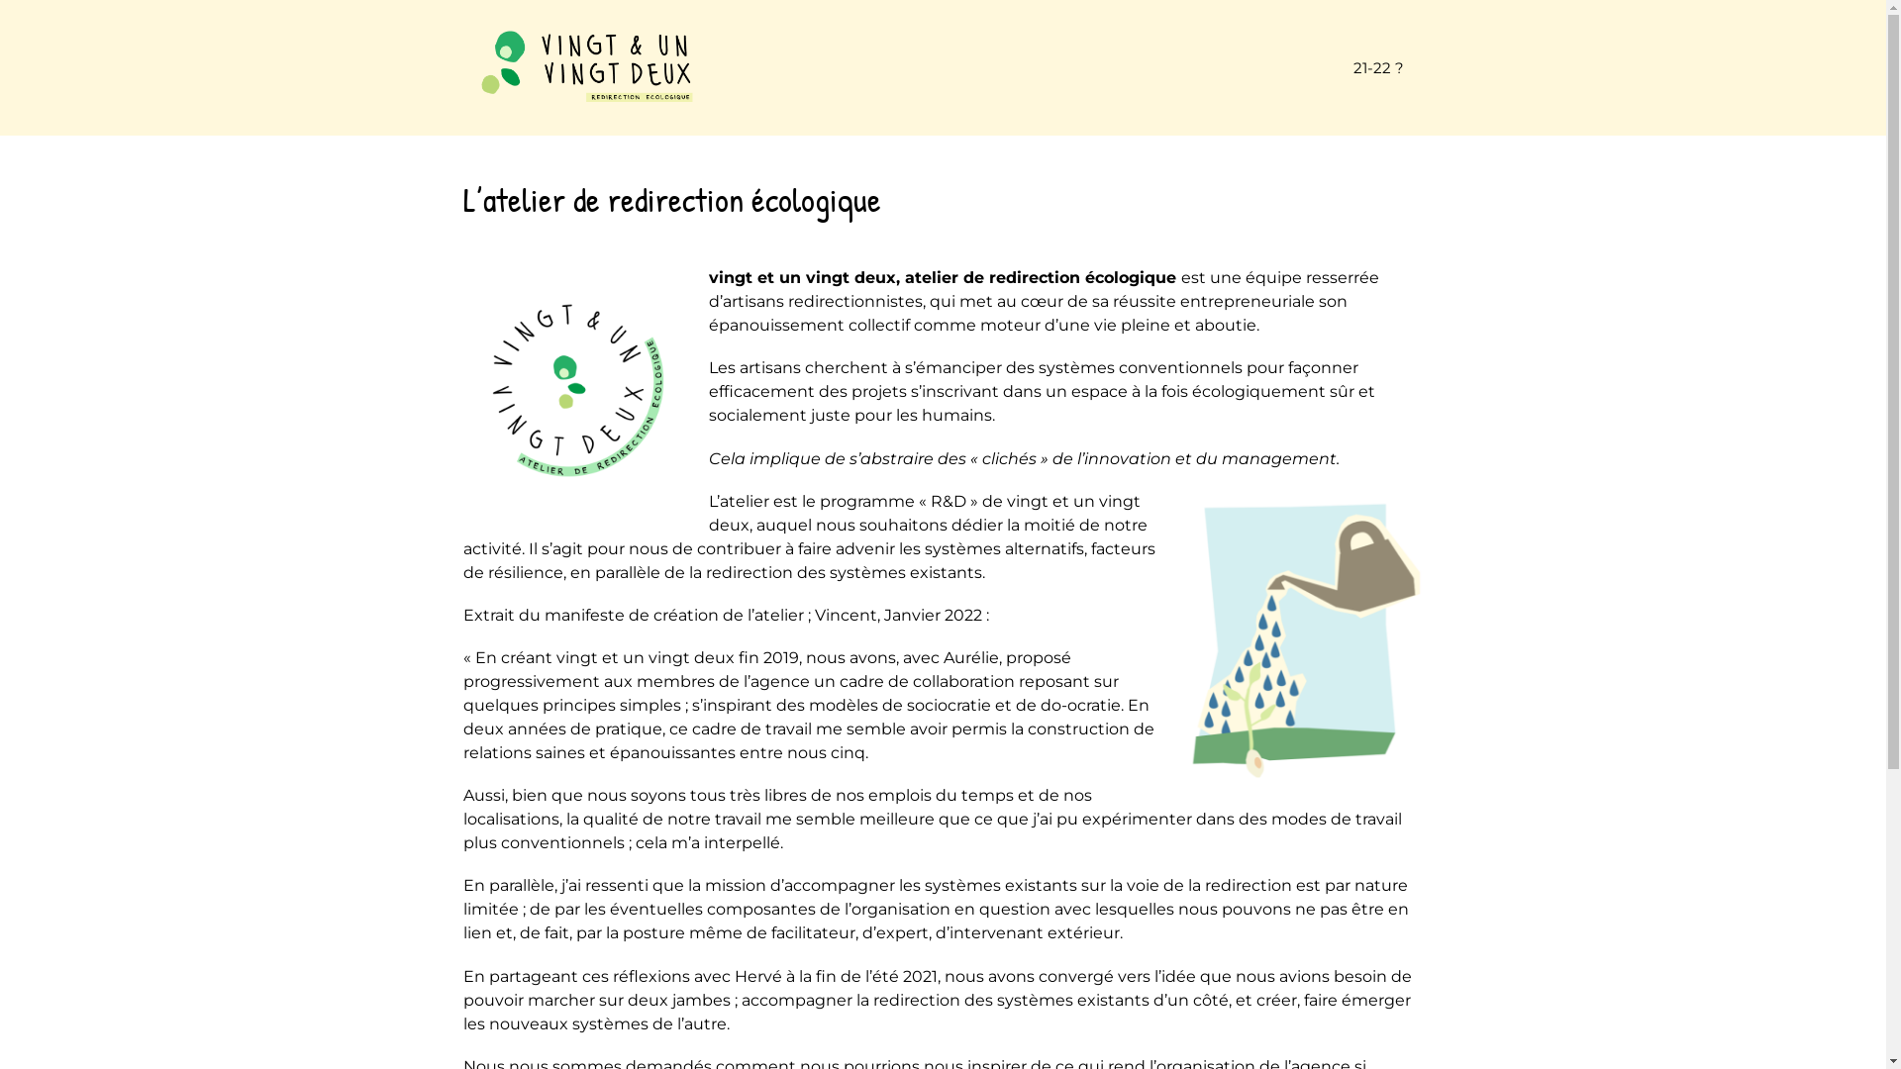 Image resolution: width=1901 pixels, height=1069 pixels. Describe the element at coordinates (1376, 67) in the screenshot. I see `'21-22 ?'` at that location.